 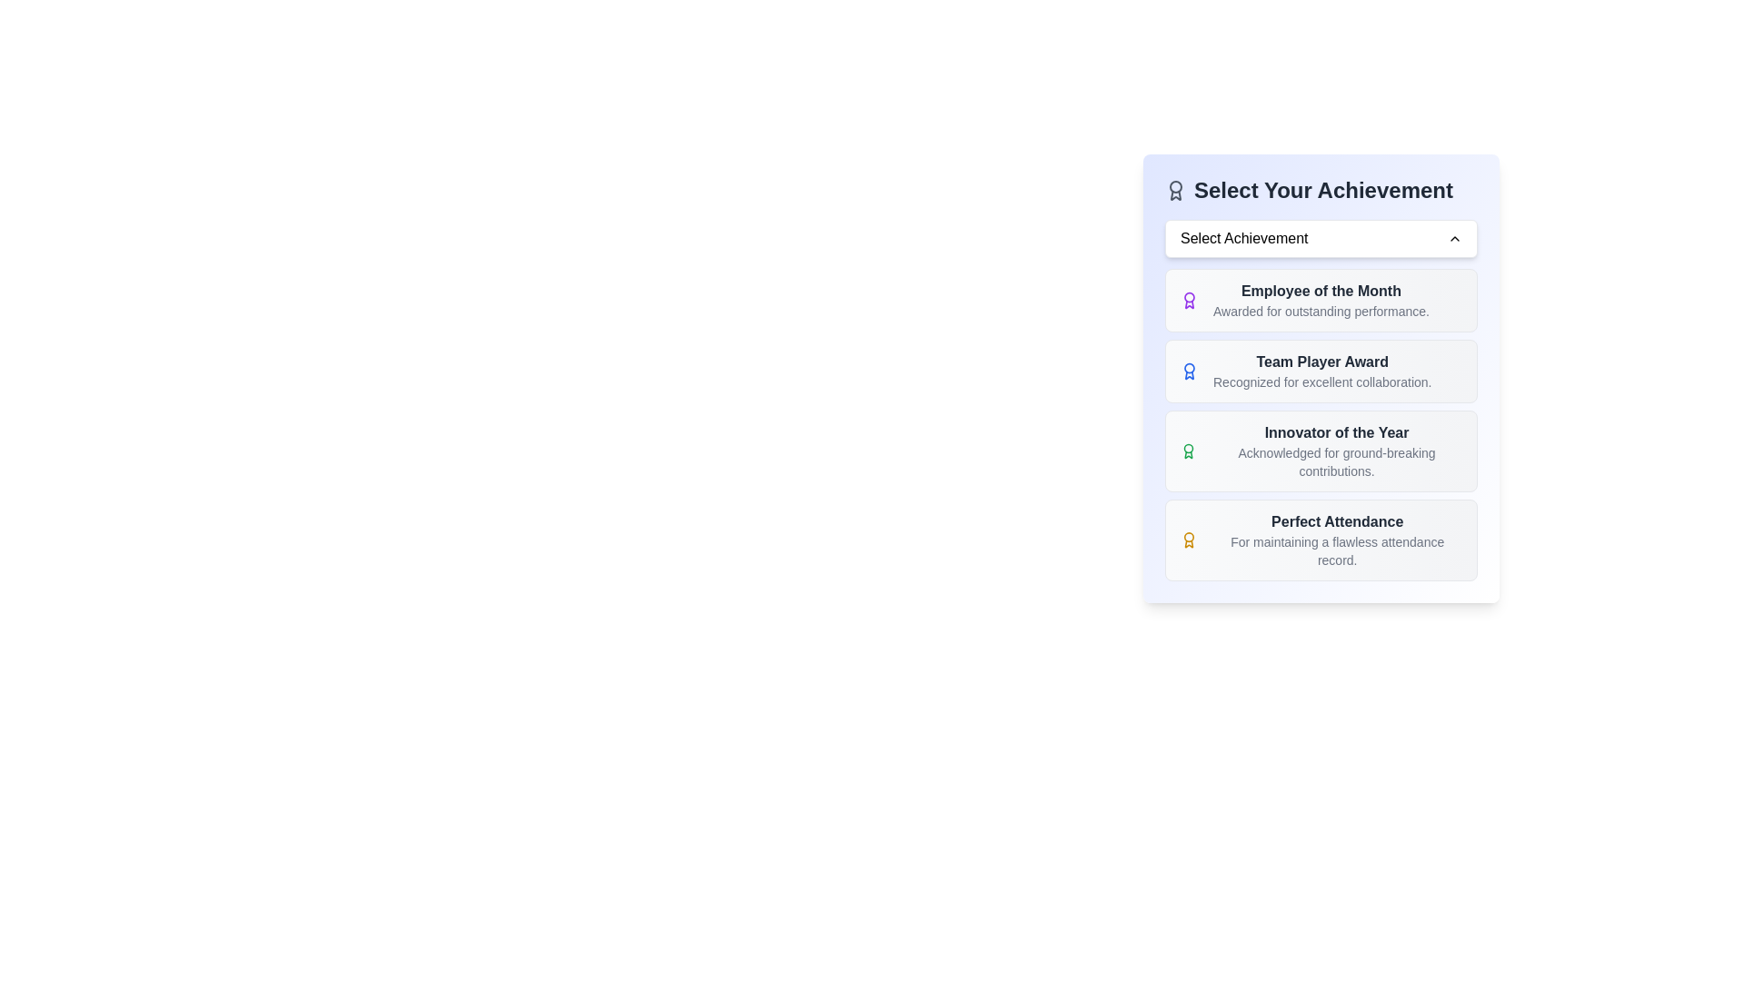 What do you see at coordinates (1337, 433) in the screenshot?
I see `the static text label or heading that indicates the type of achievement the user is viewing, located in the third entry under 'Select Your Achievement'` at bounding box center [1337, 433].